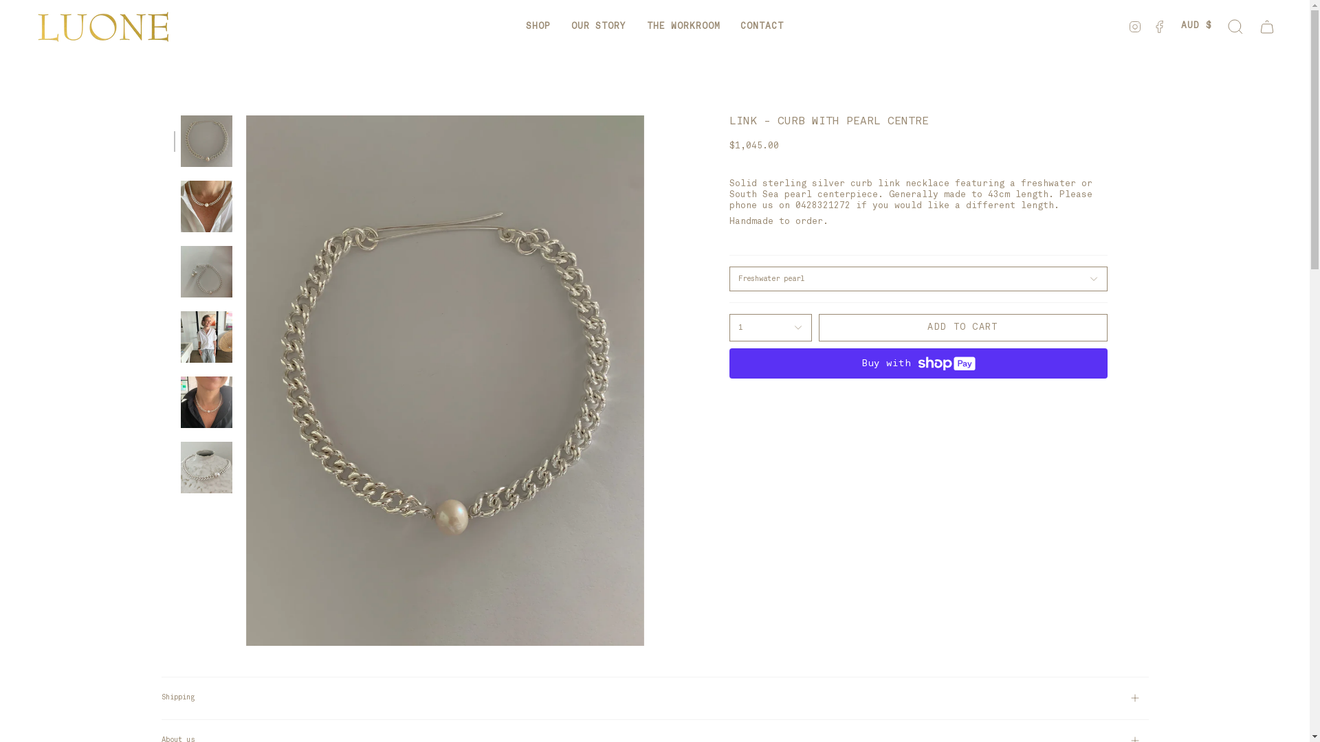 This screenshot has height=742, width=1320. I want to click on 'CONTACT', so click(761, 26).